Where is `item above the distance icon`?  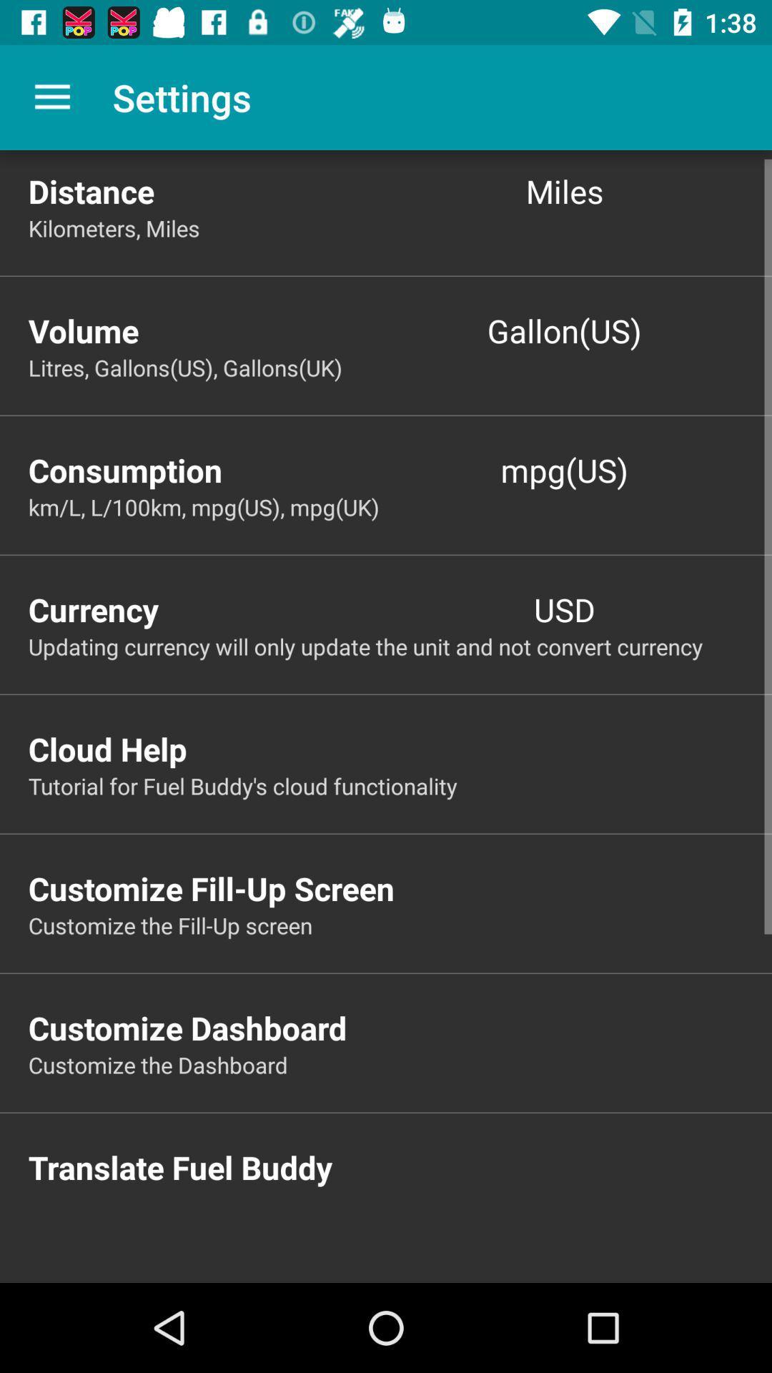 item above the distance icon is located at coordinates (51, 97).